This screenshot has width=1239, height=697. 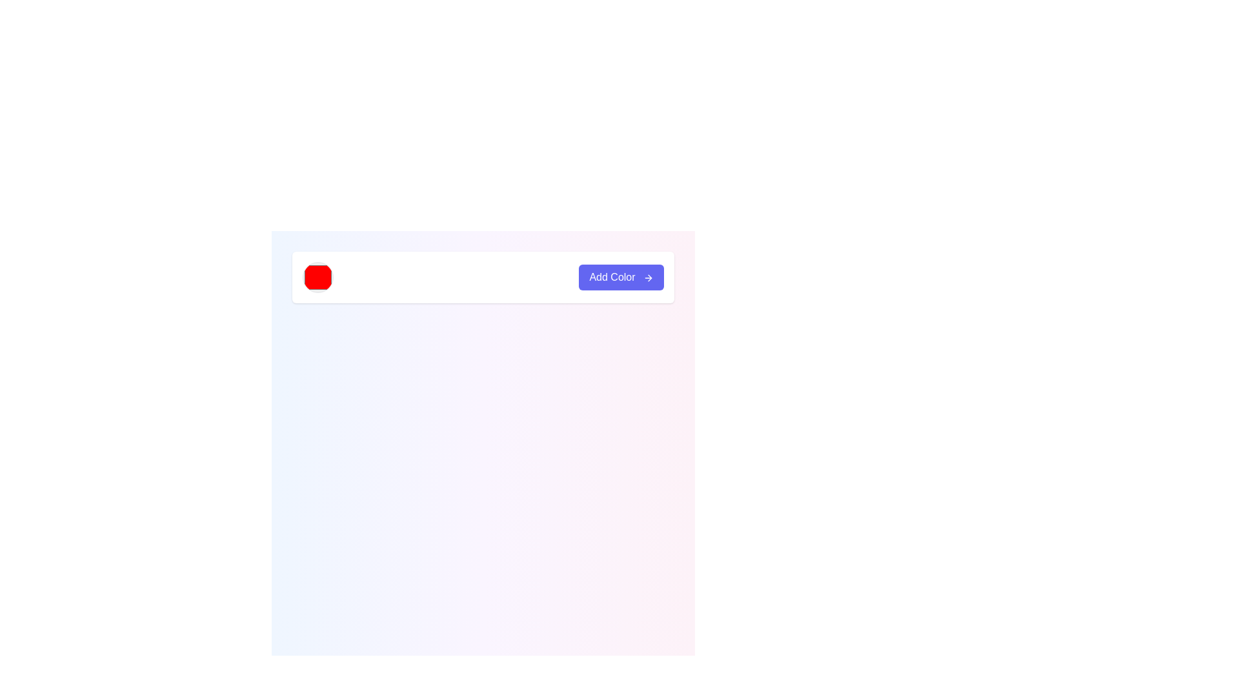 I want to click on the color selector of the composite UI component, which includes a button labeled 'Add Color', so click(x=482, y=285).